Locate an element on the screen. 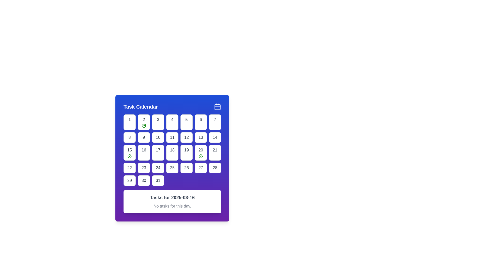  the textual element representing the day '14' in the calendar grid is located at coordinates (215, 138).